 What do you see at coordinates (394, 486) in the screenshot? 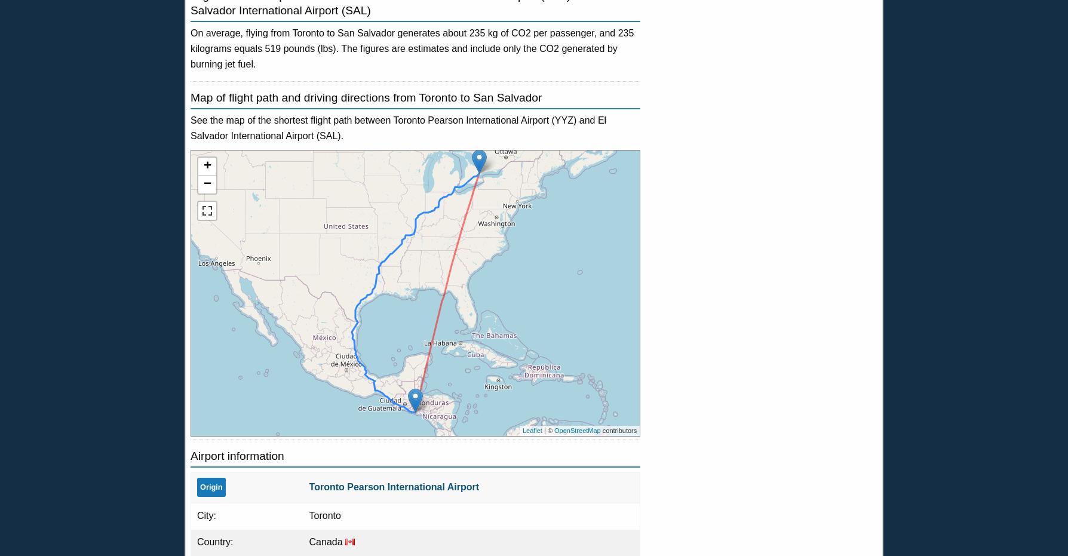
I see `'Toronto Pearson International Airport'` at bounding box center [394, 486].